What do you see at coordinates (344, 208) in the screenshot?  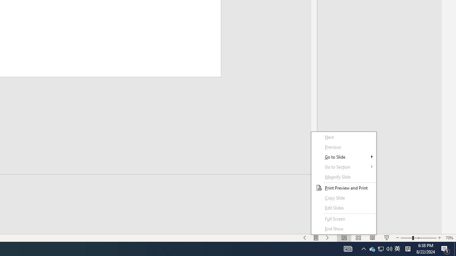 I see `'Copy Slide'` at bounding box center [344, 208].